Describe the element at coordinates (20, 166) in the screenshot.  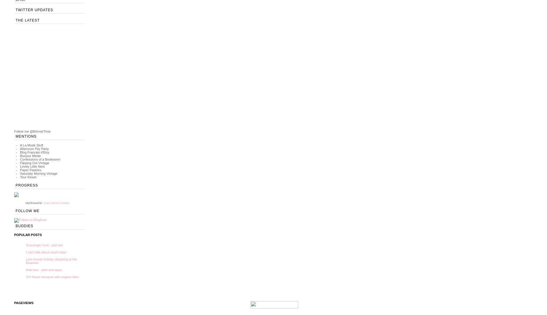
I see `'Lovely Little Nest'` at that location.